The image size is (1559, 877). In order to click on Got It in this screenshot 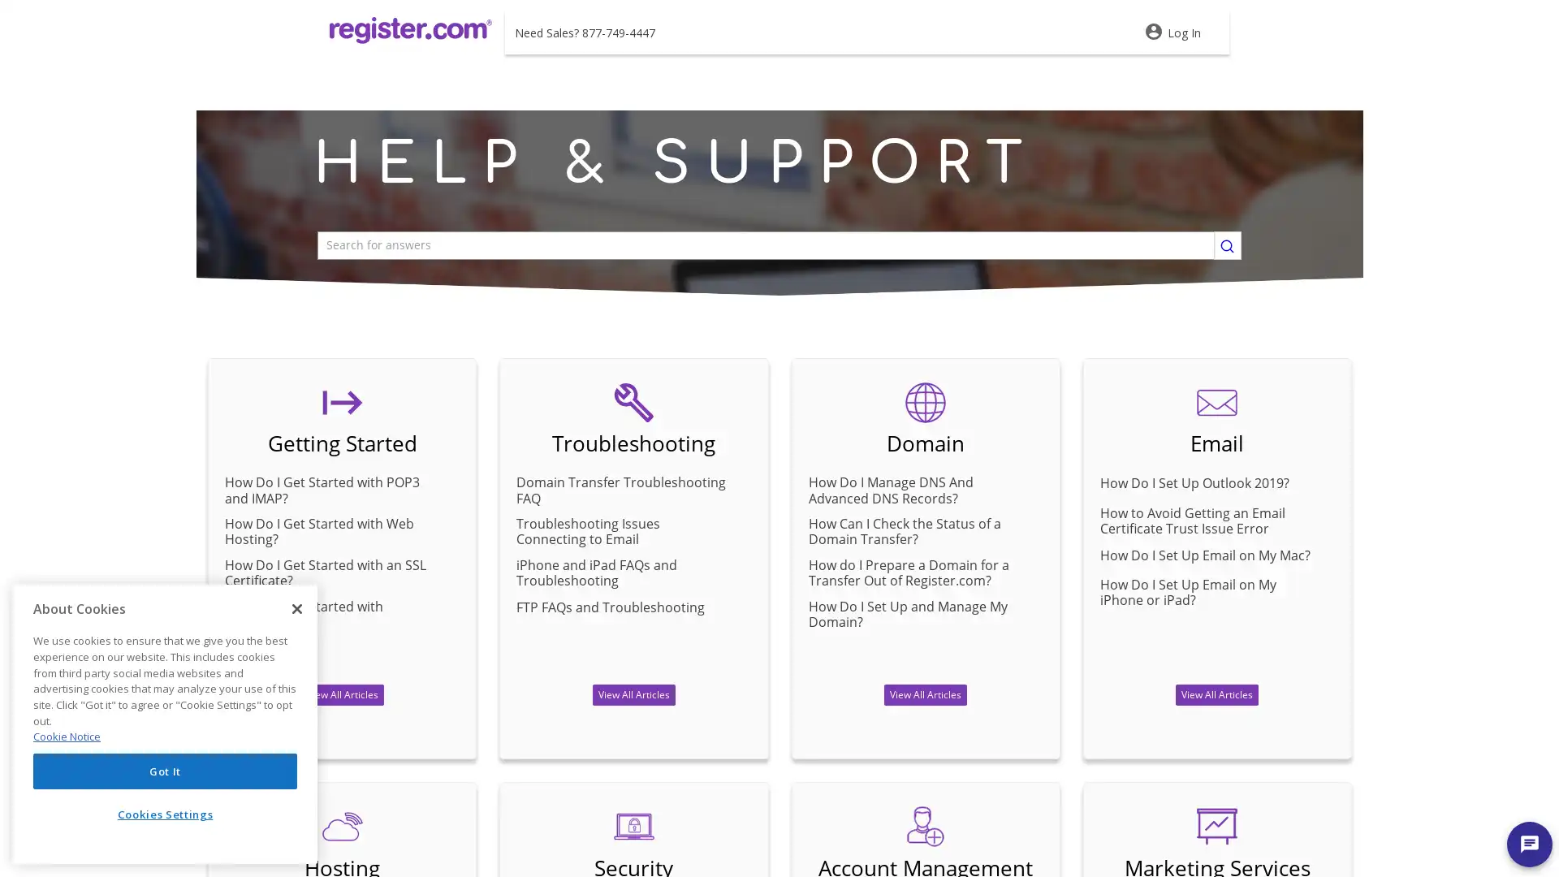, I will do `click(165, 770)`.